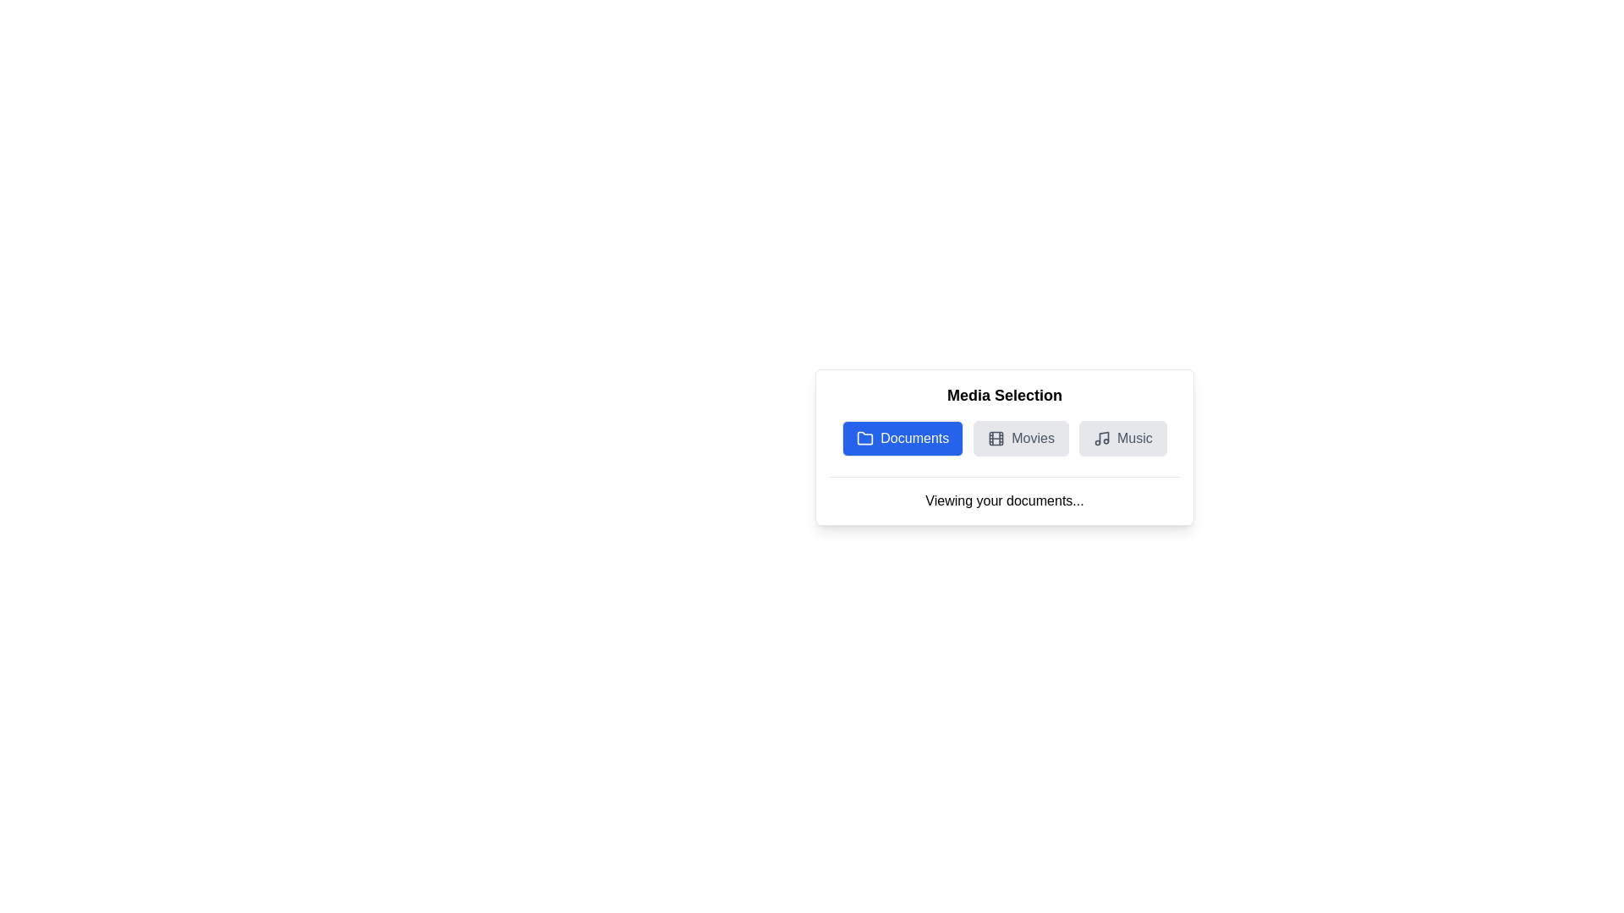 This screenshot has width=1624, height=913. What do you see at coordinates (996, 438) in the screenshot?
I see `the visual representation of the SVG icon resembling a film reel, which is part of the 'Movies' button in the media selection interface` at bounding box center [996, 438].